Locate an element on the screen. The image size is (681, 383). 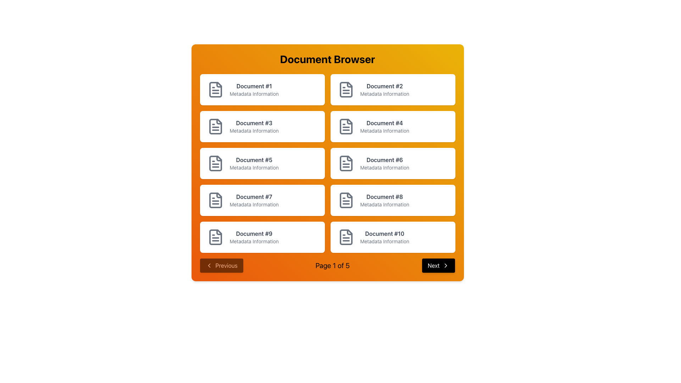
the Card element representing 'Document #7', located in the fourth row, first column of the grid layout is located at coordinates (262, 200).